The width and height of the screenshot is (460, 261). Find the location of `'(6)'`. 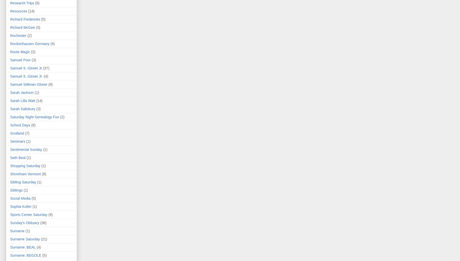

'(6)' is located at coordinates (52, 43).